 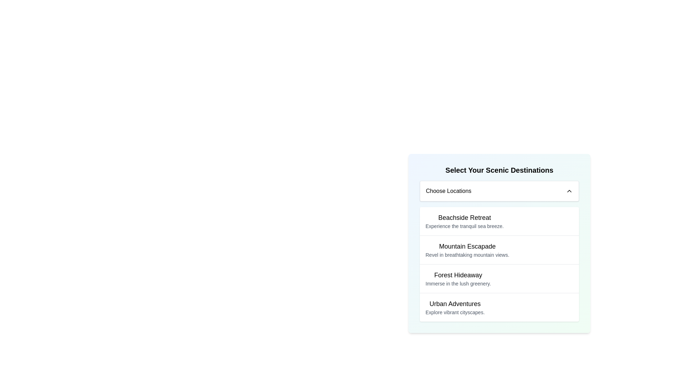 What do you see at coordinates (499, 278) in the screenshot?
I see `the third item in the list of scenic destinations, which represents 'Forest Hideaway'` at bounding box center [499, 278].